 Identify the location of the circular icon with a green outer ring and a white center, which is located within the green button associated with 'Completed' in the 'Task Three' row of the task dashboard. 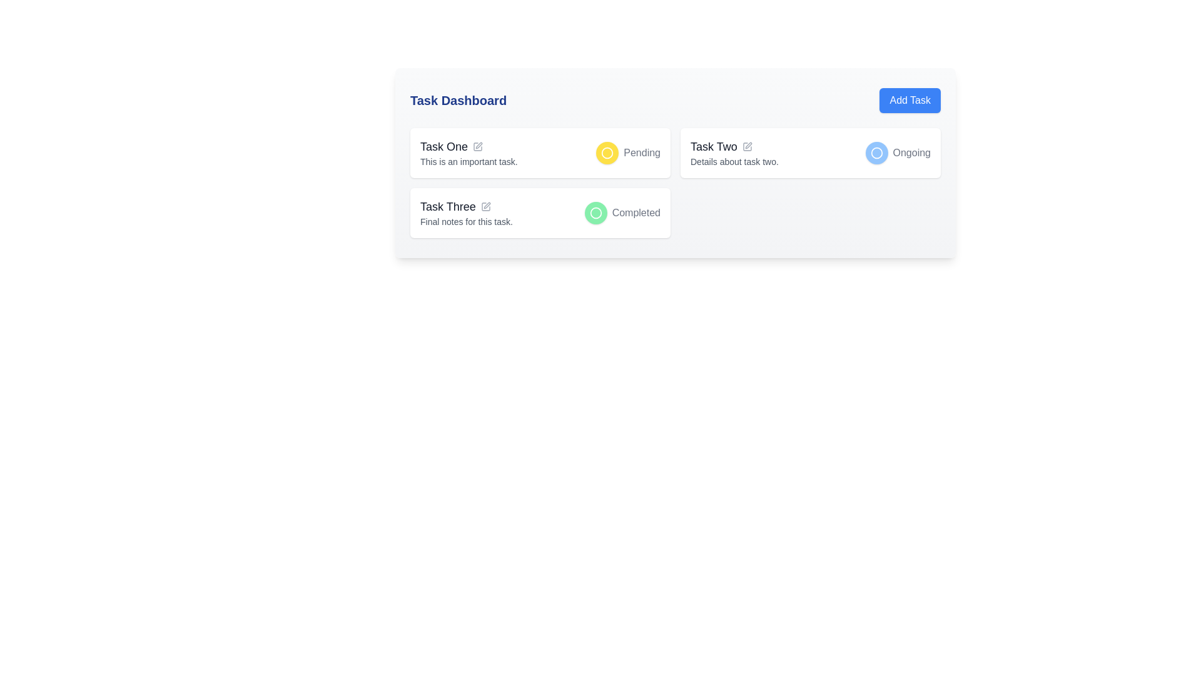
(595, 212).